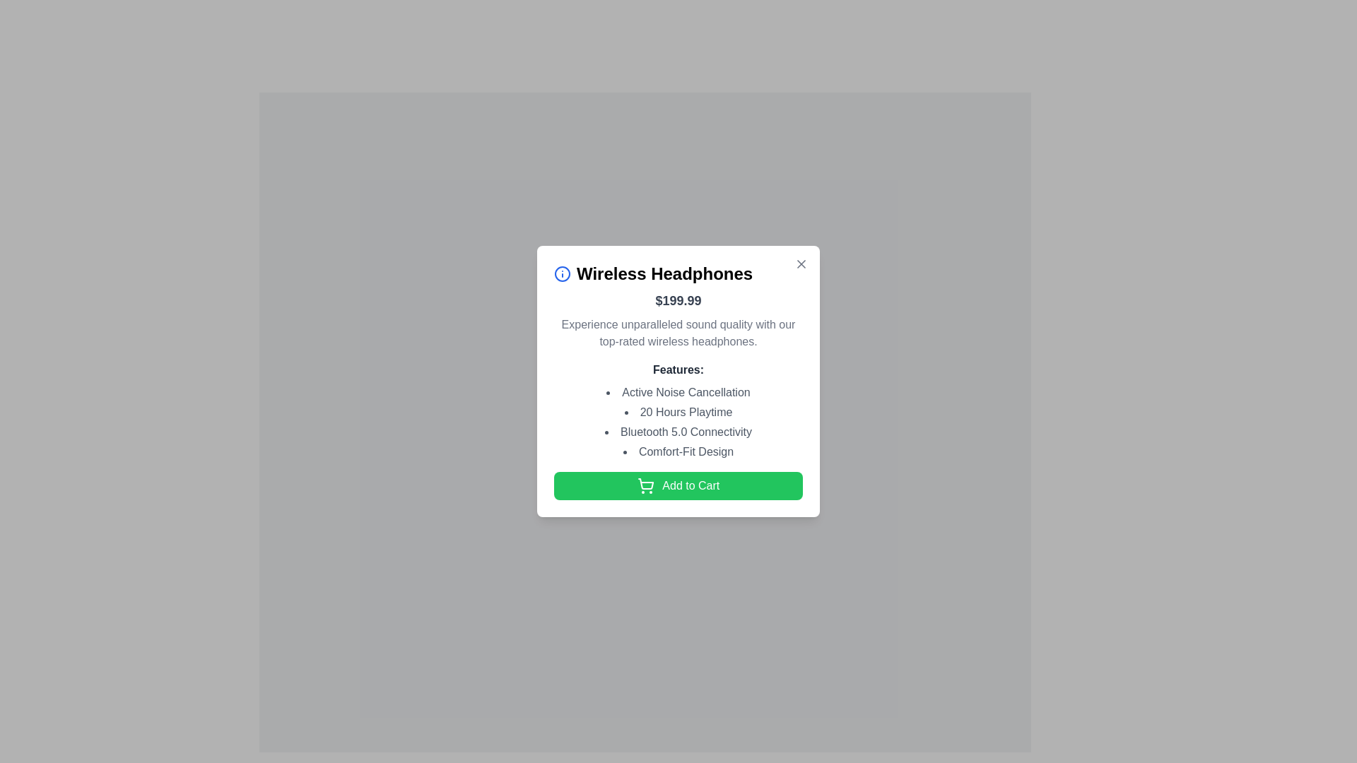  I want to click on the Text Display element that shows the product's price, located directly below the title 'Wireless Headphones', so click(678, 299).